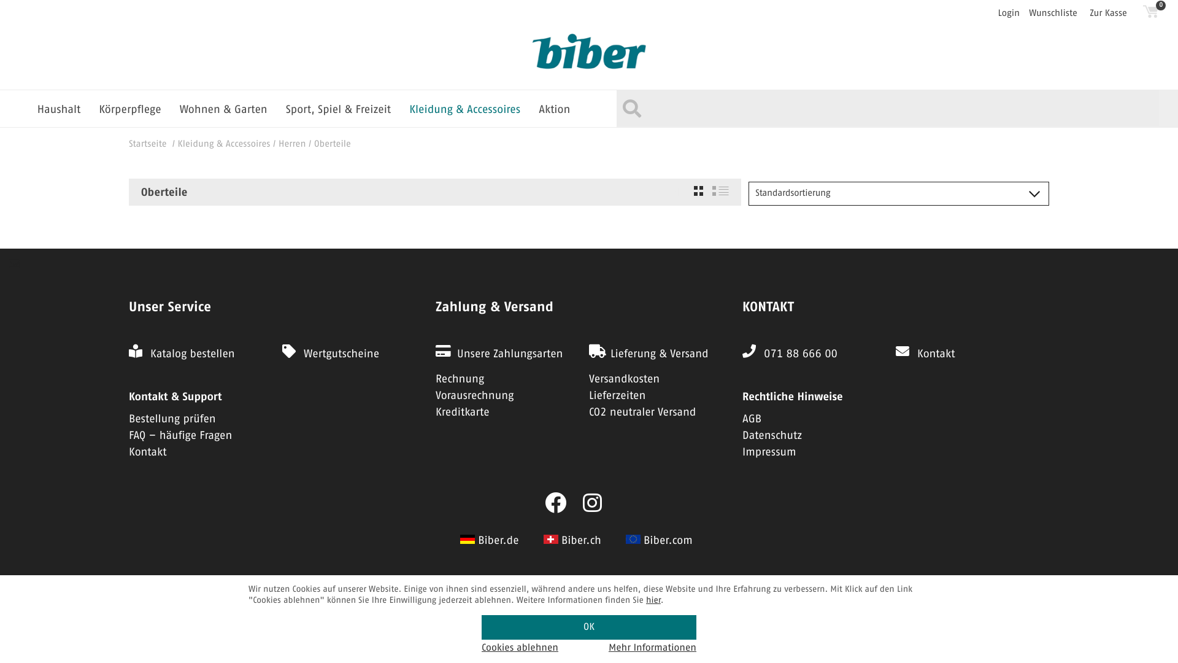 The width and height of the screenshot is (1178, 663). I want to click on 'Cookies ablehnen', so click(520, 648).